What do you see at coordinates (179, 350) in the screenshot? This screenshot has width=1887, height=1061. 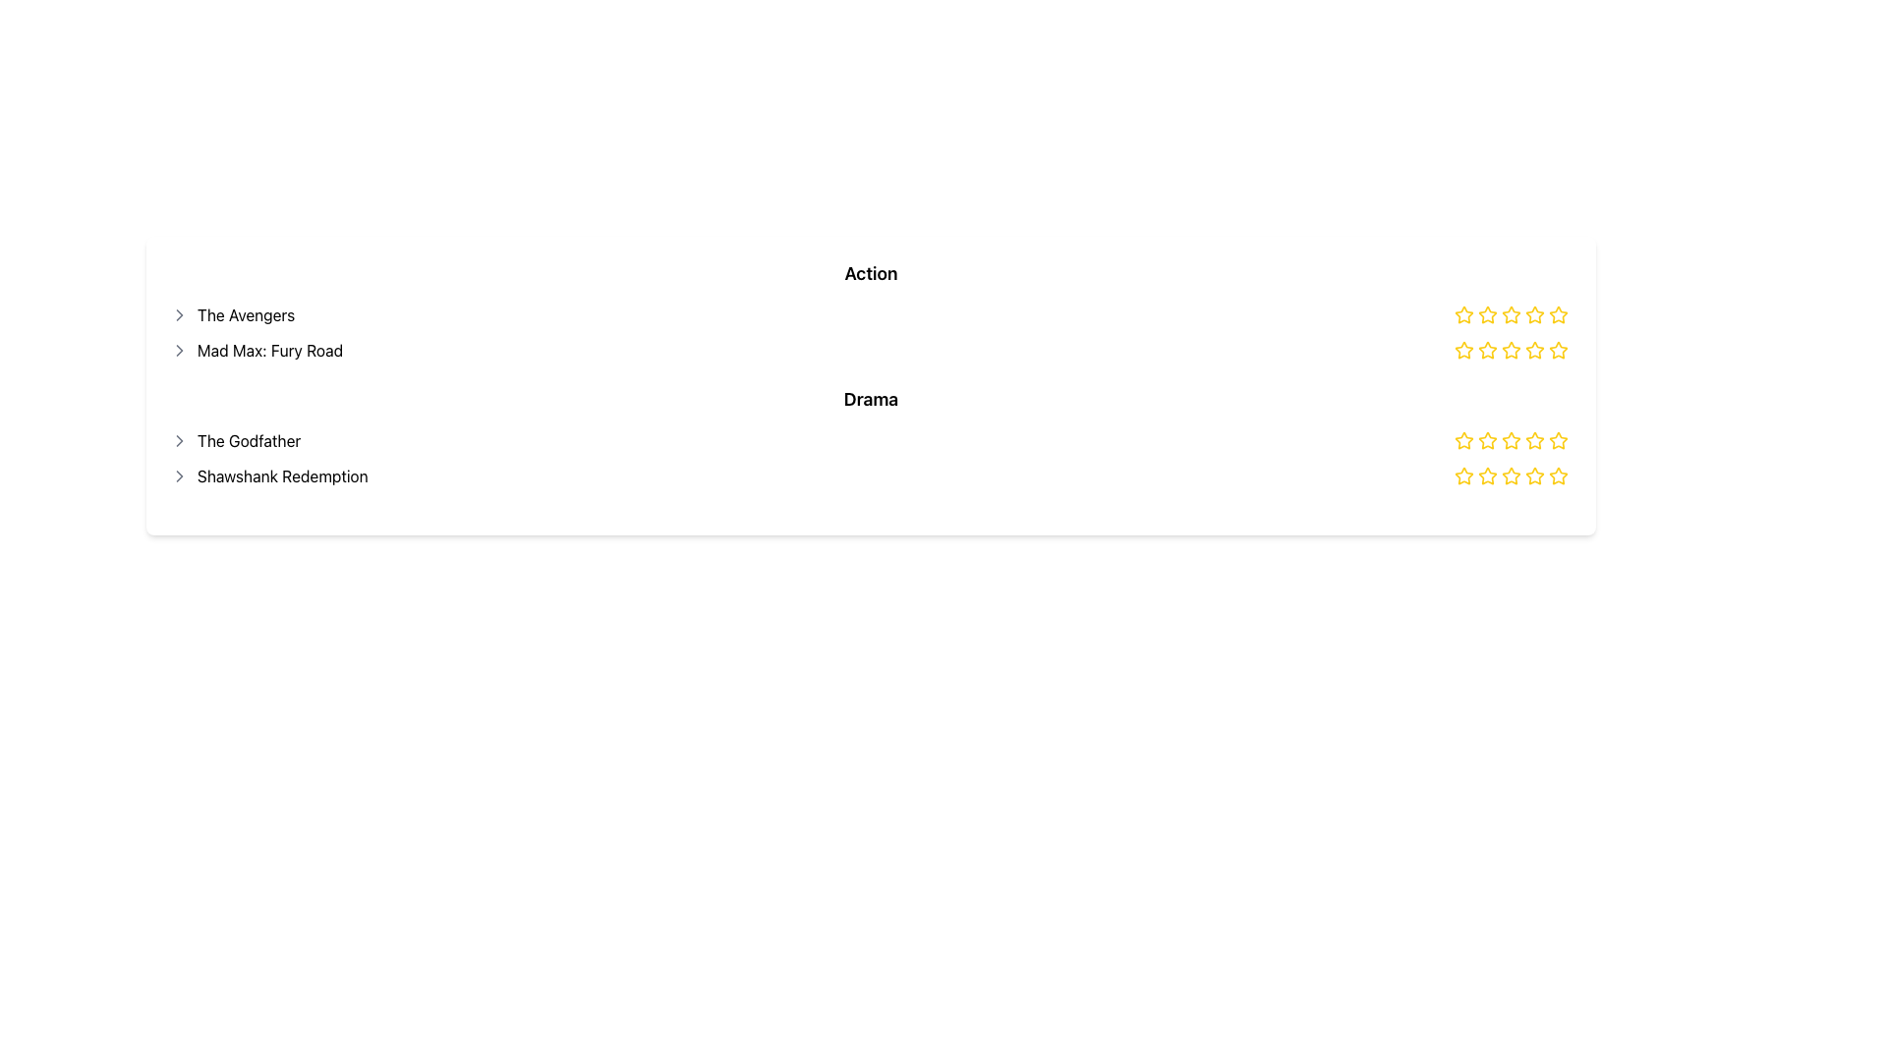 I see `the right-pointing arrow icon` at bounding box center [179, 350].